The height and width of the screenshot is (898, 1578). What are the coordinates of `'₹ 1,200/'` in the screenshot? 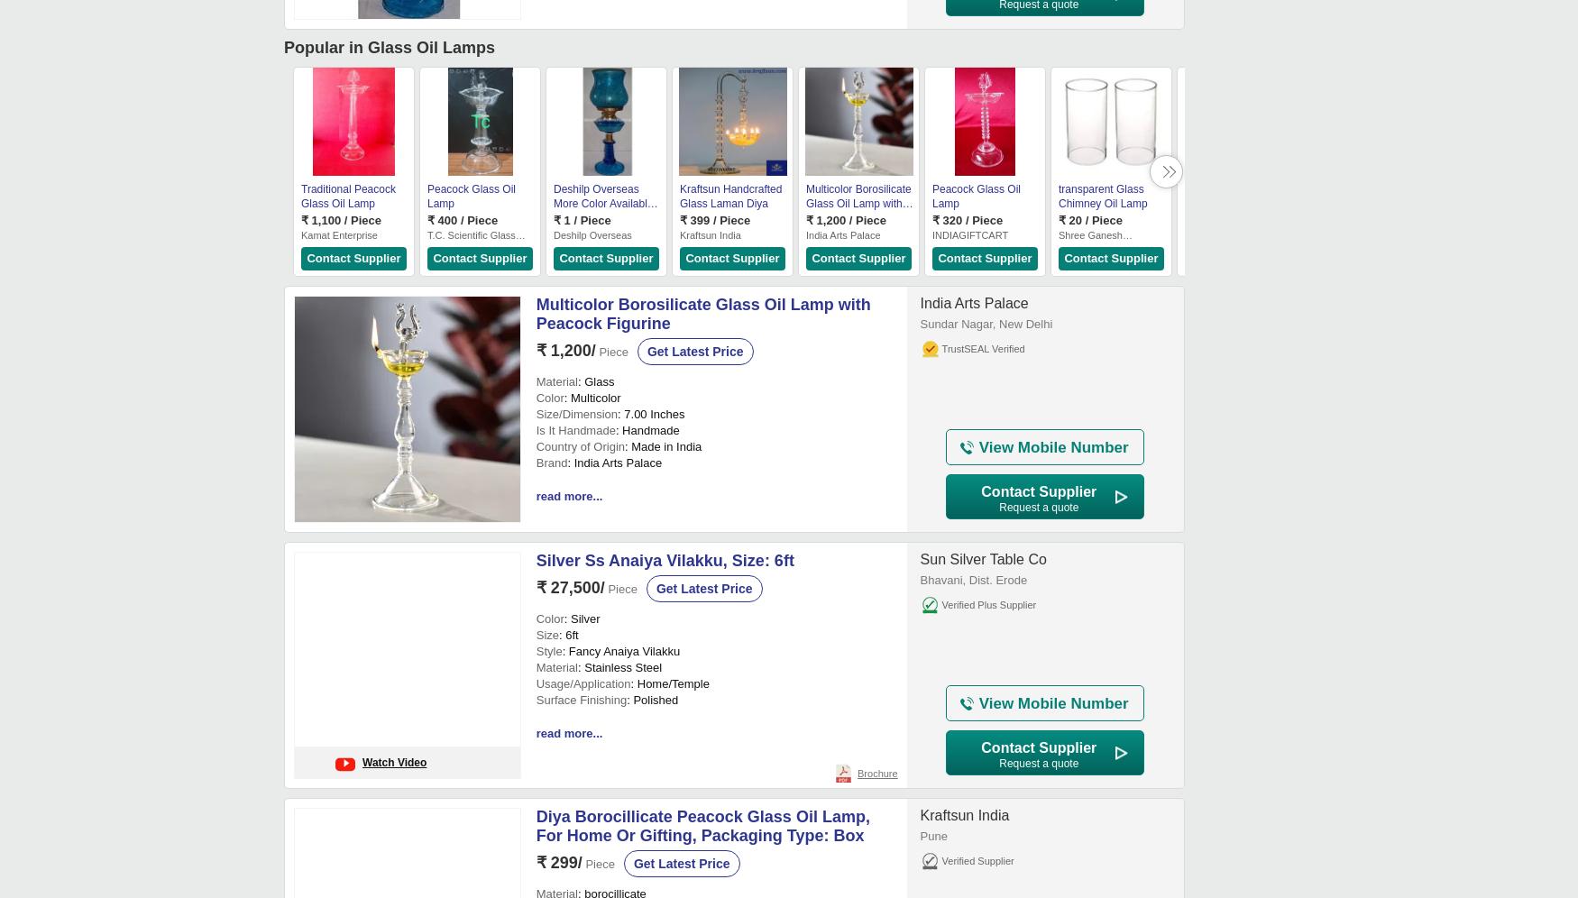 It's located at (564, 350).